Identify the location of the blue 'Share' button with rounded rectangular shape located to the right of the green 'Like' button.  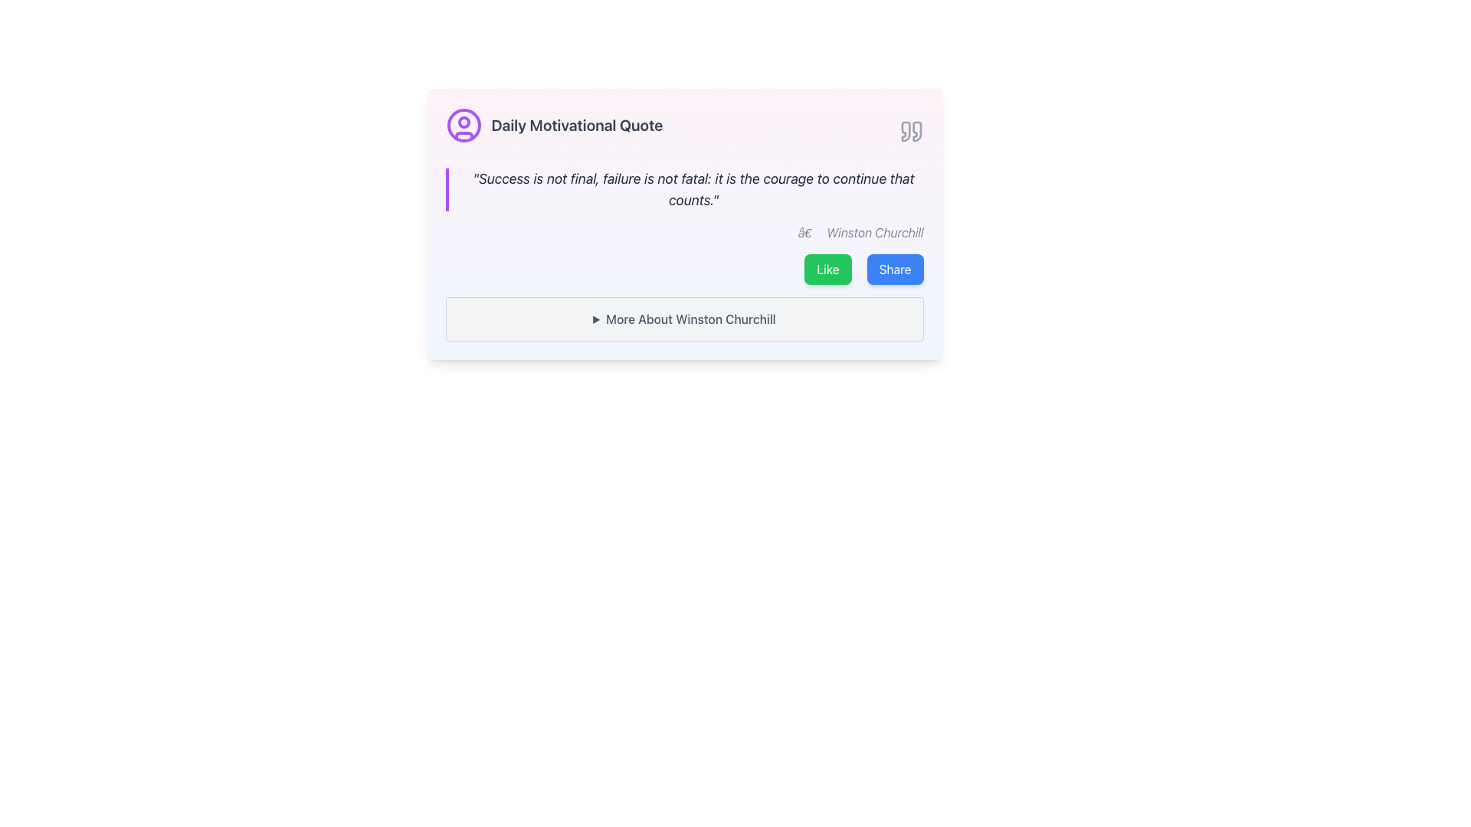
(895, 268).